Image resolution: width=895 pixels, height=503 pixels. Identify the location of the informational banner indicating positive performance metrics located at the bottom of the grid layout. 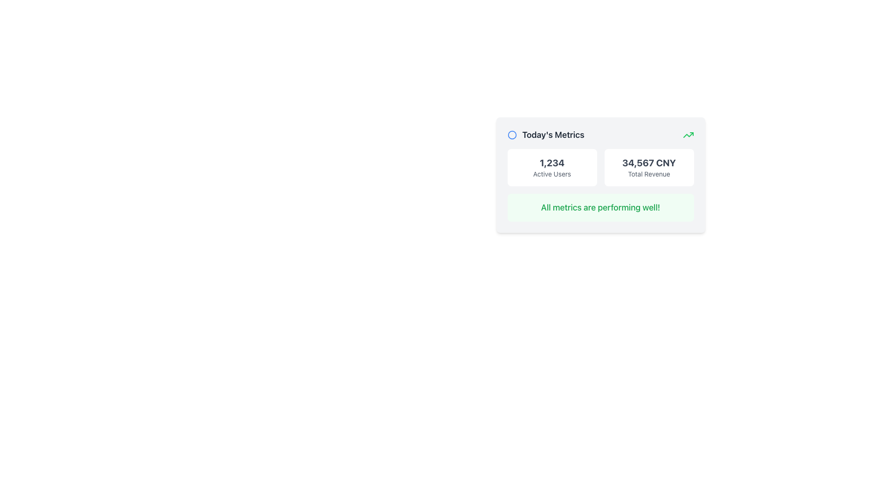
(600, 207).